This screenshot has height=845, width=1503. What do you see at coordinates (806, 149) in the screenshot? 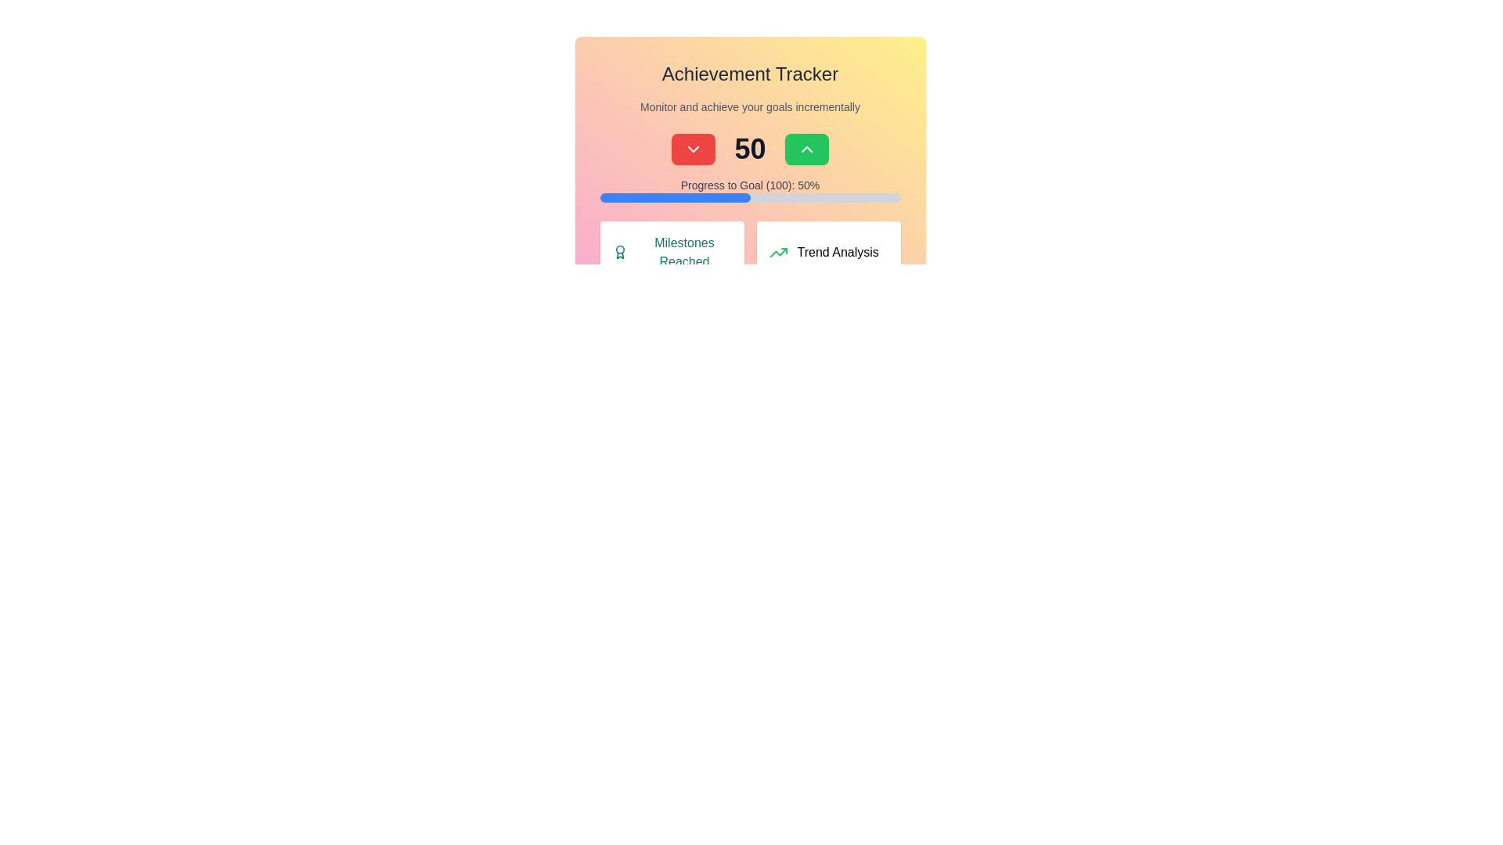
I see `the increment button with a green background and a white upward-pointing chevron icon to change its background color` at bounding box center [806, 149].